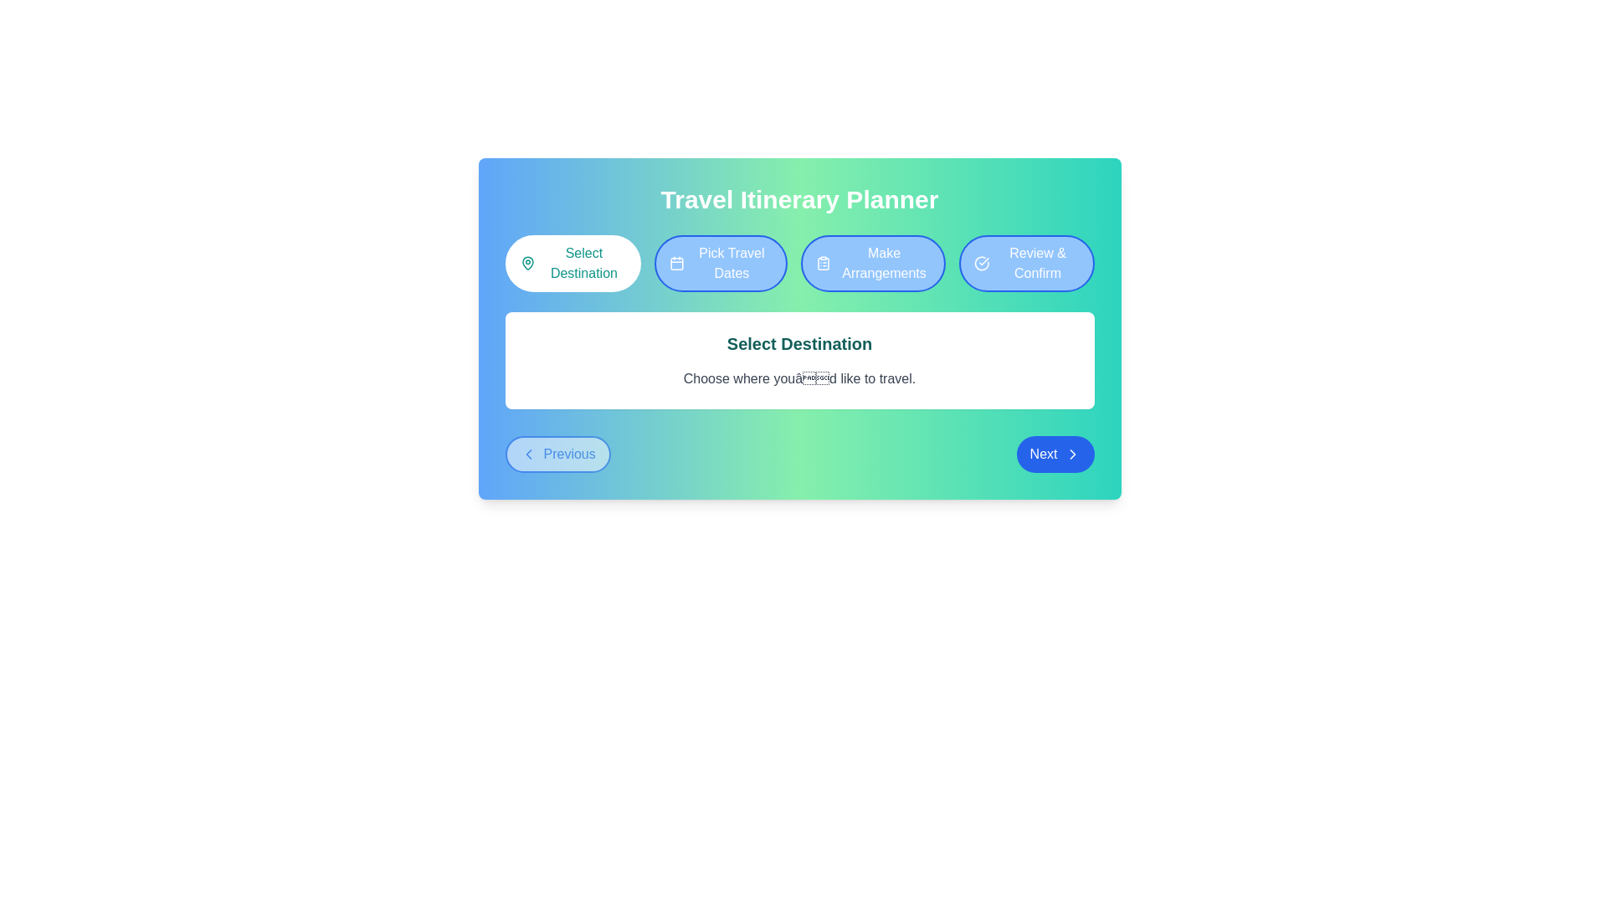  What do you see at coordinates (572, 264) in the screenshot?
I see `the leftmost button in the horizontal array of four rounded buttons` at bounding box center [572, 264].